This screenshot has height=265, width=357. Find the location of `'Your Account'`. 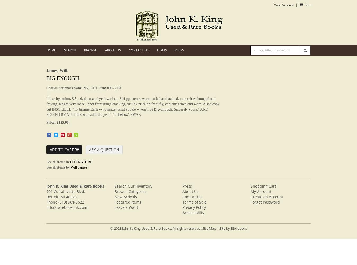

'Your Account' is located at coordinates (283, 5).